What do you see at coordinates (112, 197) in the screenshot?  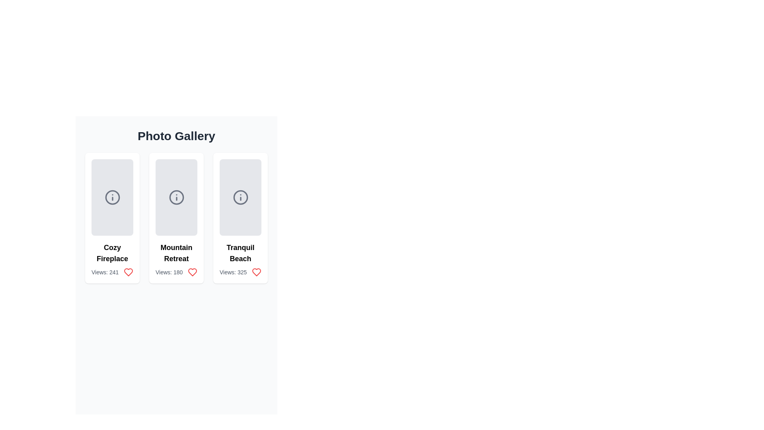 I see `the information icon related to the 'Cozy Fireplace' entry, which is centered above the text and views count` at bounding box center [112, 197].